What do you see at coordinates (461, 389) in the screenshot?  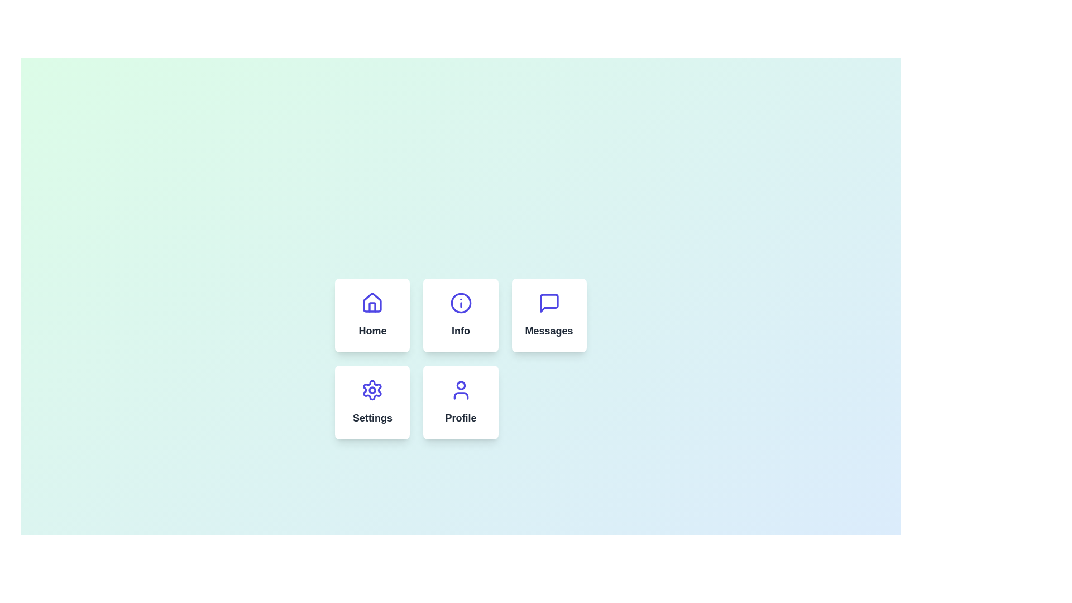 I see `the user profile icon which has a circular head shape and a purple-blue stroke, located within the 'Profile' card at the bottom row of a 3x2 grid layout` at bounding box center [461, 389].